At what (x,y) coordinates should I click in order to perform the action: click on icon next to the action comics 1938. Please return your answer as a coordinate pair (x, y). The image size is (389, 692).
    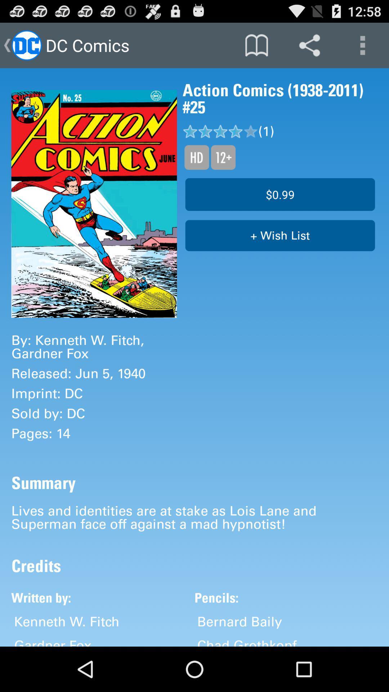
    Looking at the image, I should click on (94, 203).